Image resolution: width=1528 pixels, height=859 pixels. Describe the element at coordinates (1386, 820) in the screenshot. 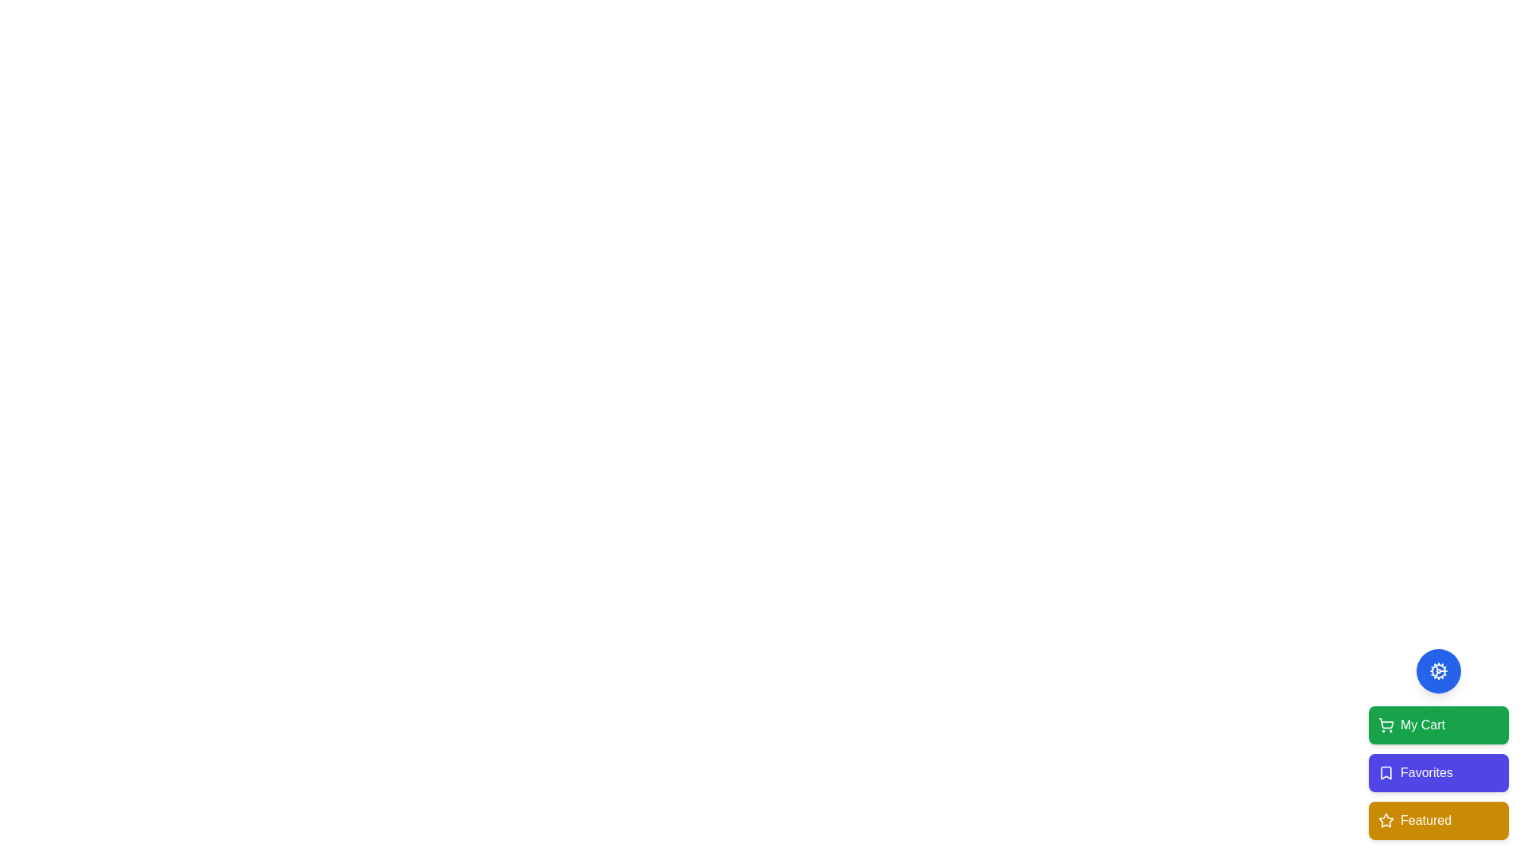

I see `the star icon located at the bottom-right corner of the interface, to the left of the 'Featured' label` at that location.